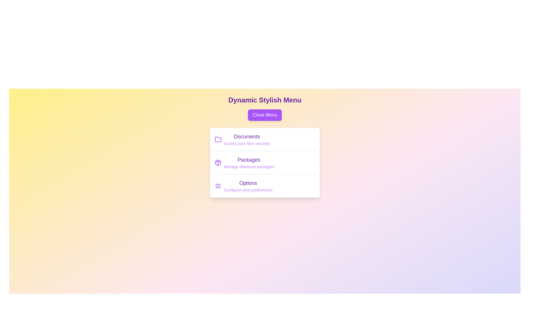 The width and height of the screenshot is (551, 310). Describe the element at coordinates (264, 115) in the screenshot. I see `the 'Close Menu' button to toggle the menu visibility` at that location.